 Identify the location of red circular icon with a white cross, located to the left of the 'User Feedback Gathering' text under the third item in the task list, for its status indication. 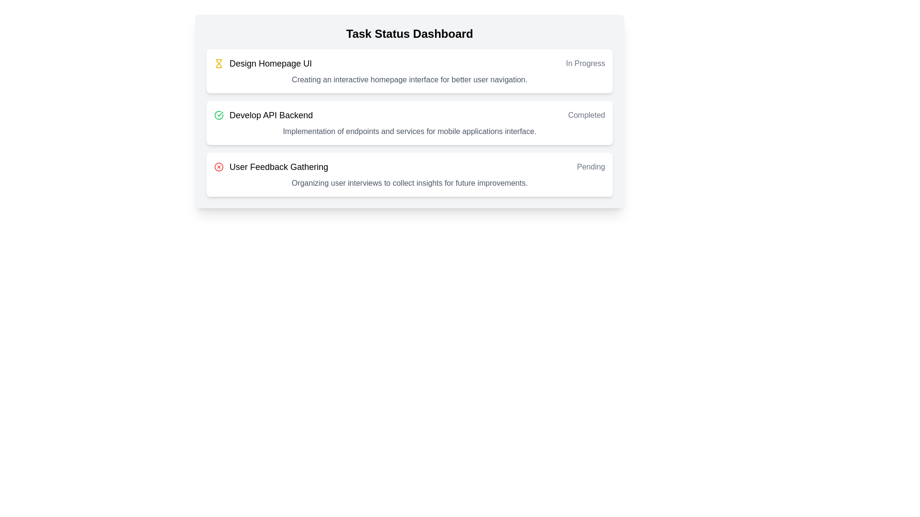
(218, 166).